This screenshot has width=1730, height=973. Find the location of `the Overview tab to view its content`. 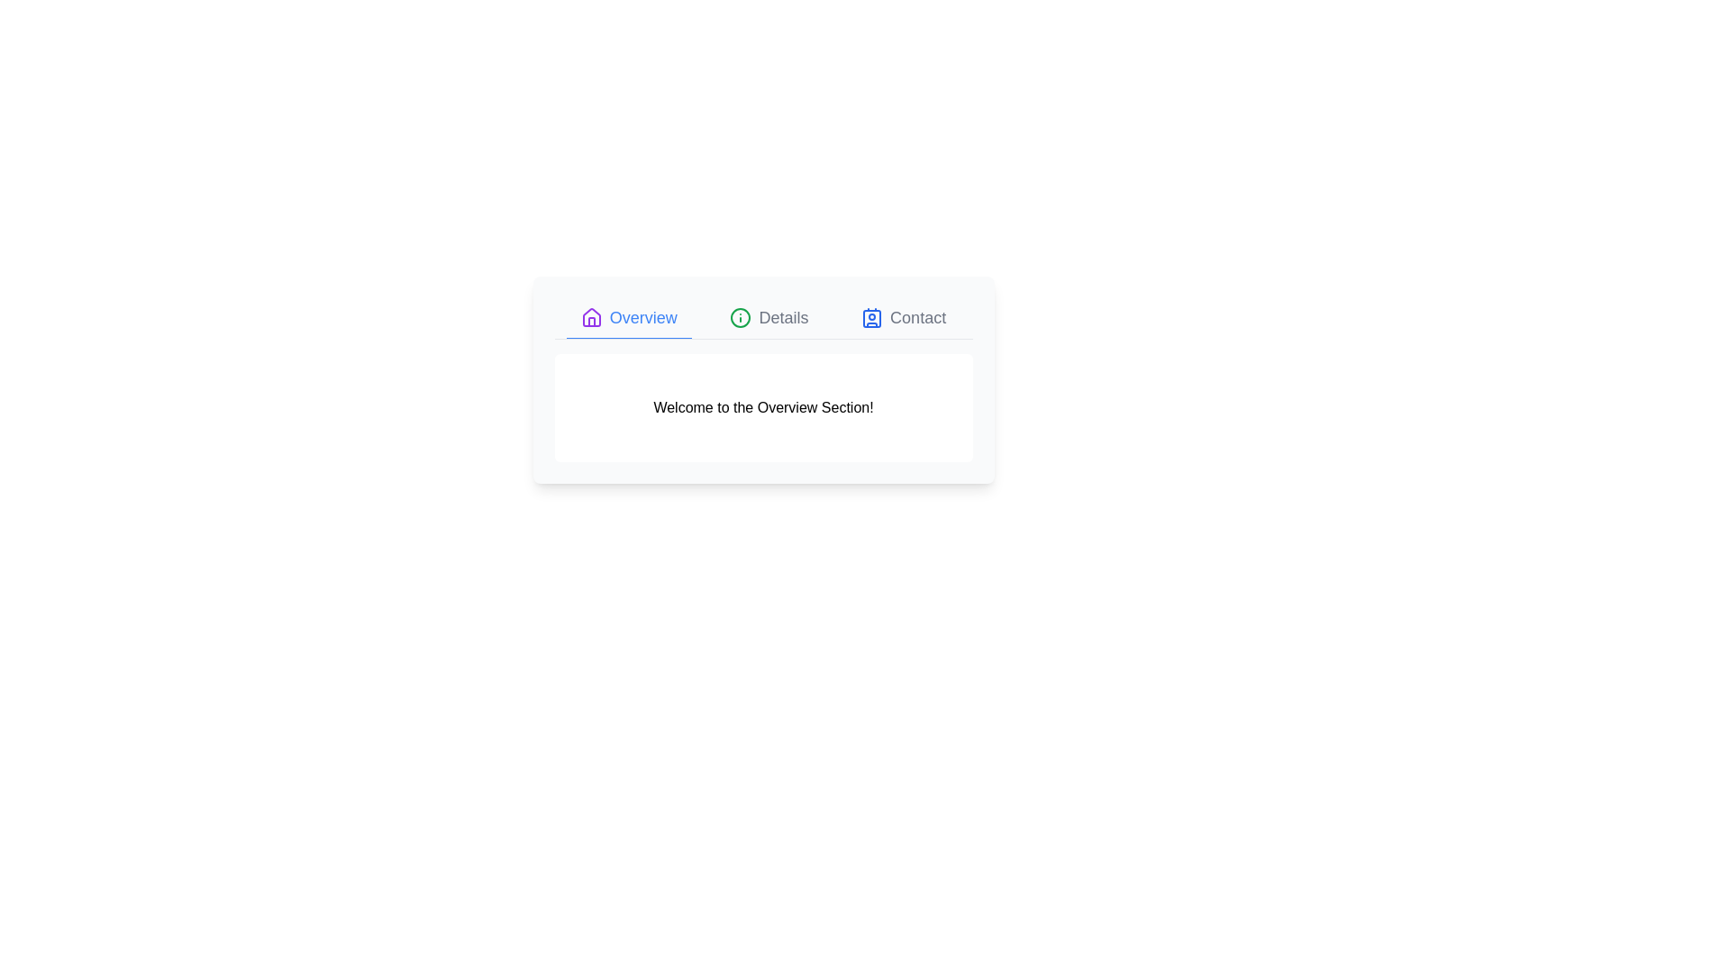

the Overview tab to view its content is located at coordinates (629, 317).